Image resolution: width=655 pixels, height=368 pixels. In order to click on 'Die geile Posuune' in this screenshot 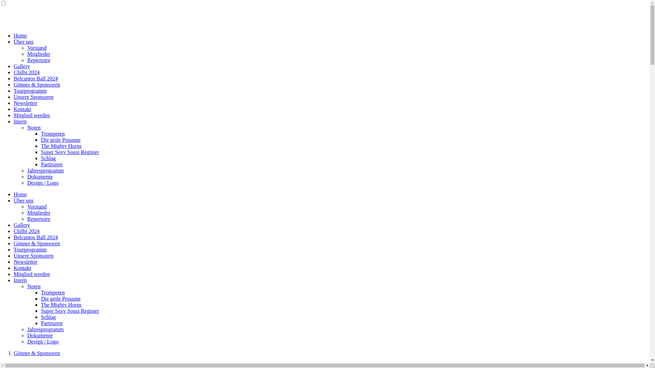, I will do `click(41, 139)`.